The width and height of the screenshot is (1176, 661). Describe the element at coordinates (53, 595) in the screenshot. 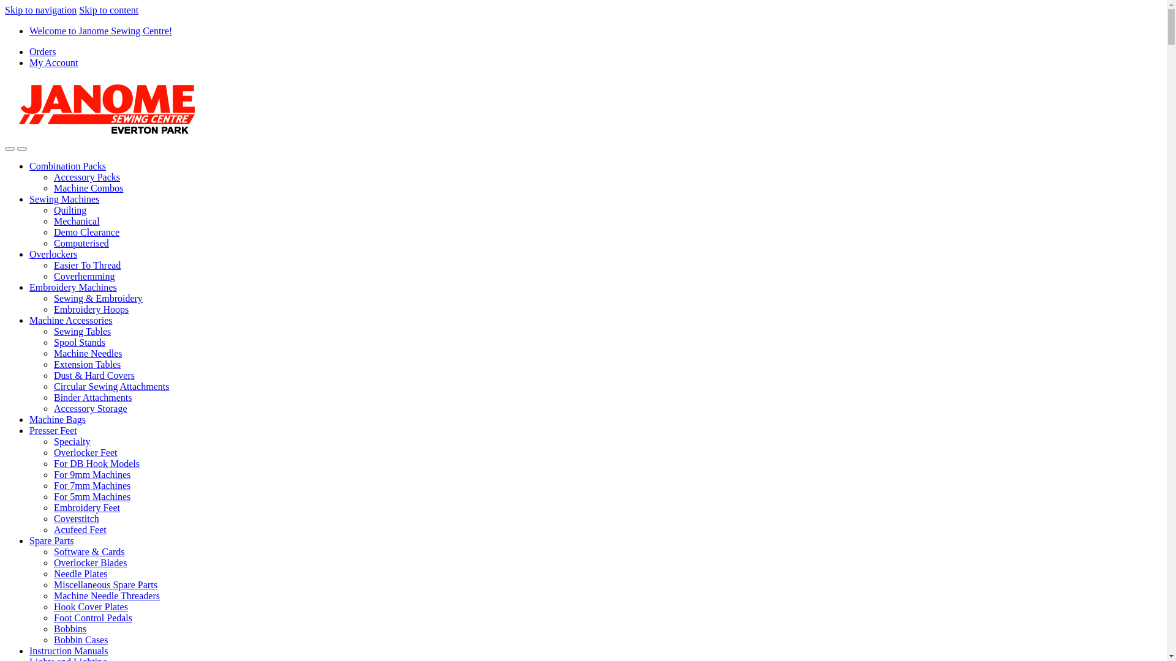

I see `'Machine Needle Threaders'` at that location.